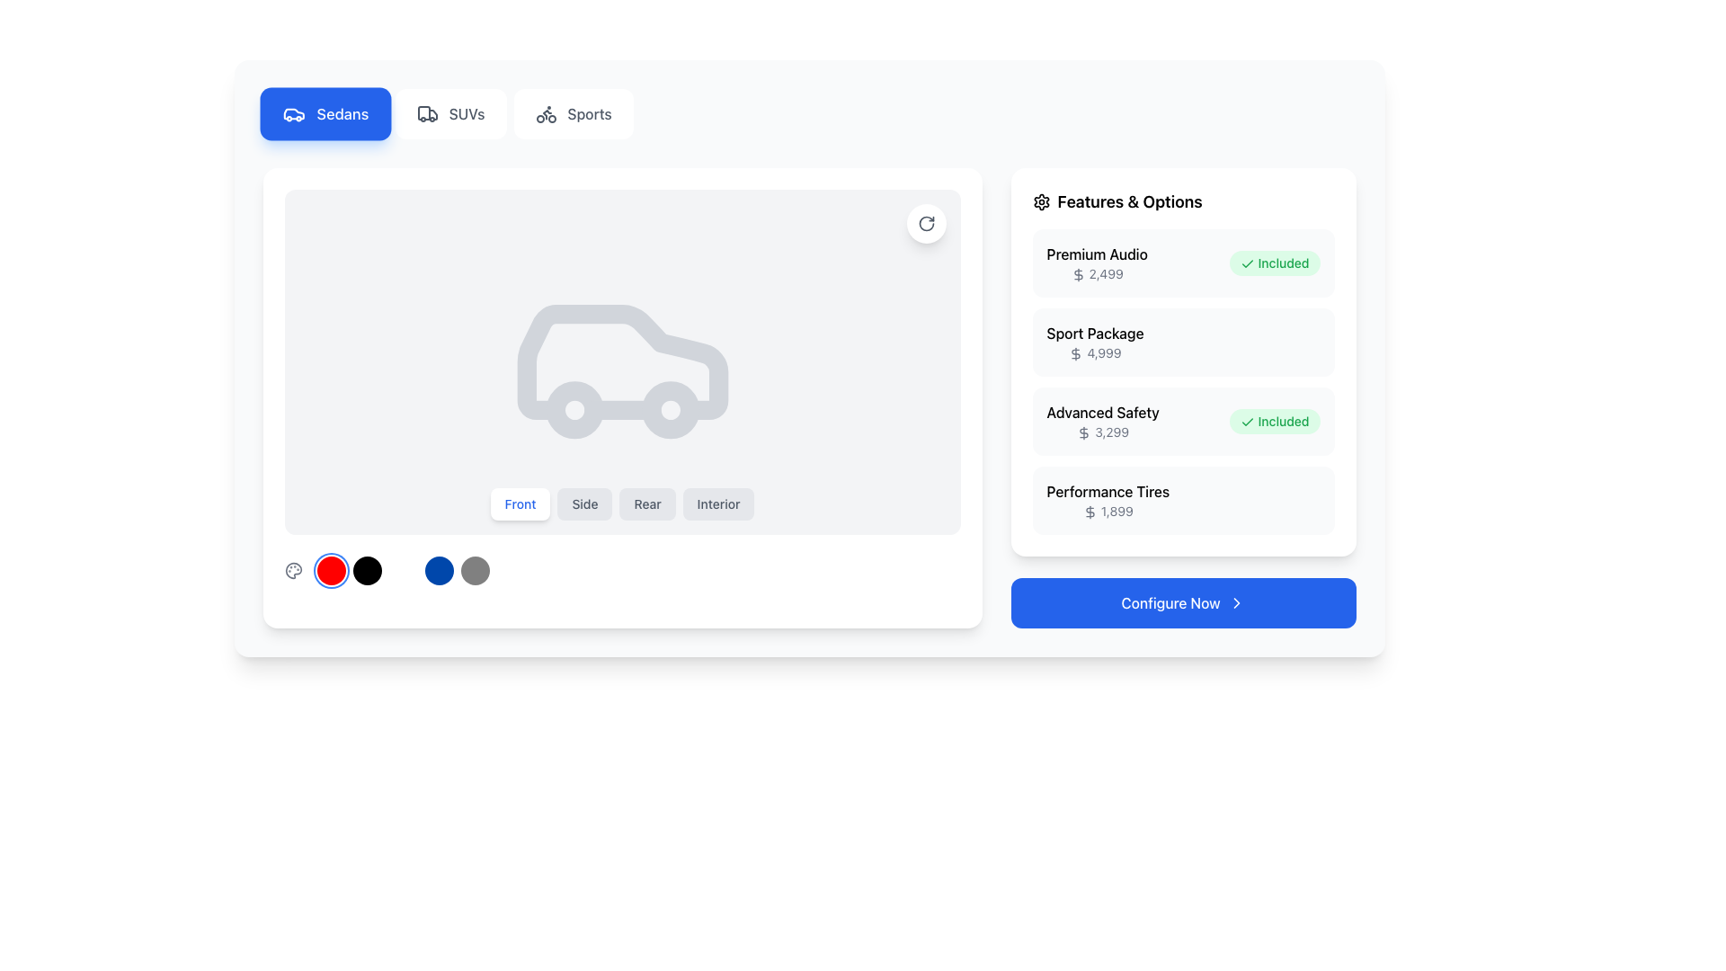  What do you see at coordinates (1096, 273) in the screenshot?
I see `the Price Label displaying '2,499' styled in a smaller gray font, which is associated with the 'Premium Audio' feature under 'Features & Options'` at bounding box center [1096, 273].